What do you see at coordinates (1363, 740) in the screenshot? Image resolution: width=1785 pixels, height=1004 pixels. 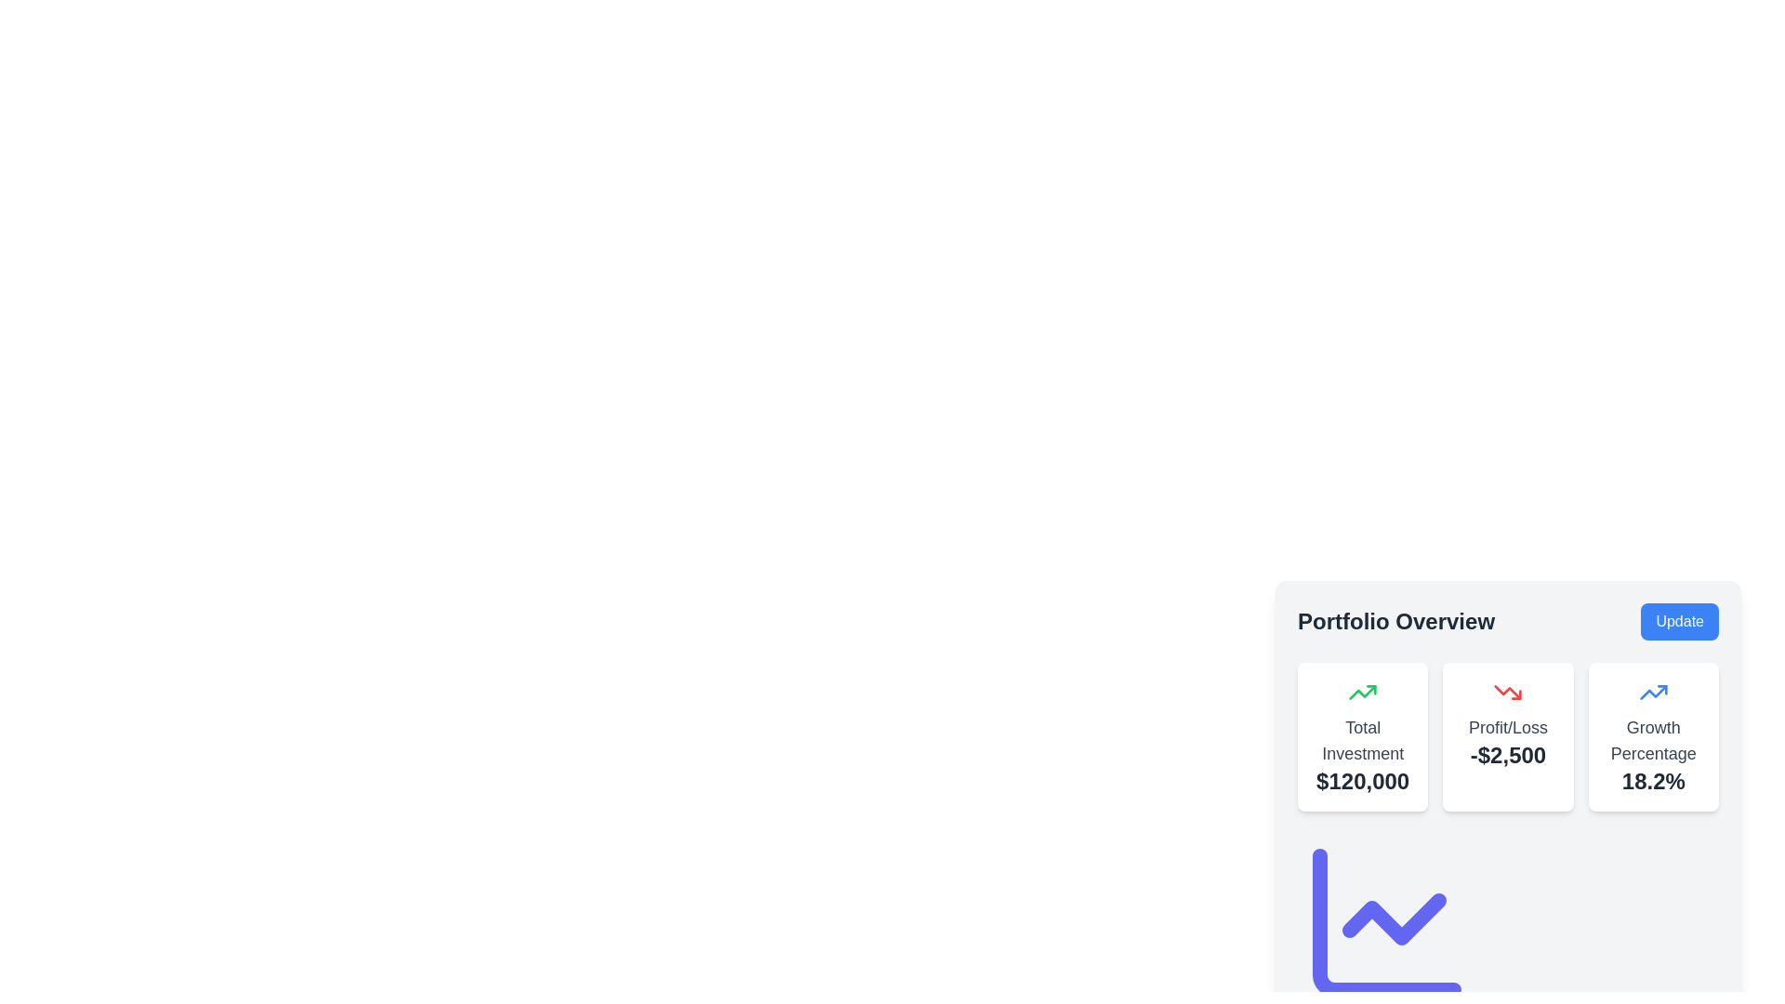 I see `the 'Total Investment' label, which is a descriptive text component displayed in a medium-sized, gray font above the bold numeric value '$120,000' within a card layout` at bounding box center [1363, 740].